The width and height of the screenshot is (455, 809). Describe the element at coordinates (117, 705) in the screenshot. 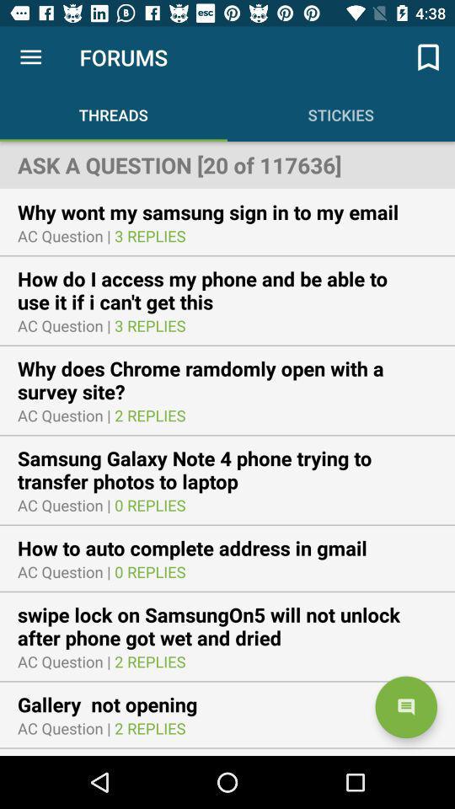

I see `gallery  not opening item` at that location.